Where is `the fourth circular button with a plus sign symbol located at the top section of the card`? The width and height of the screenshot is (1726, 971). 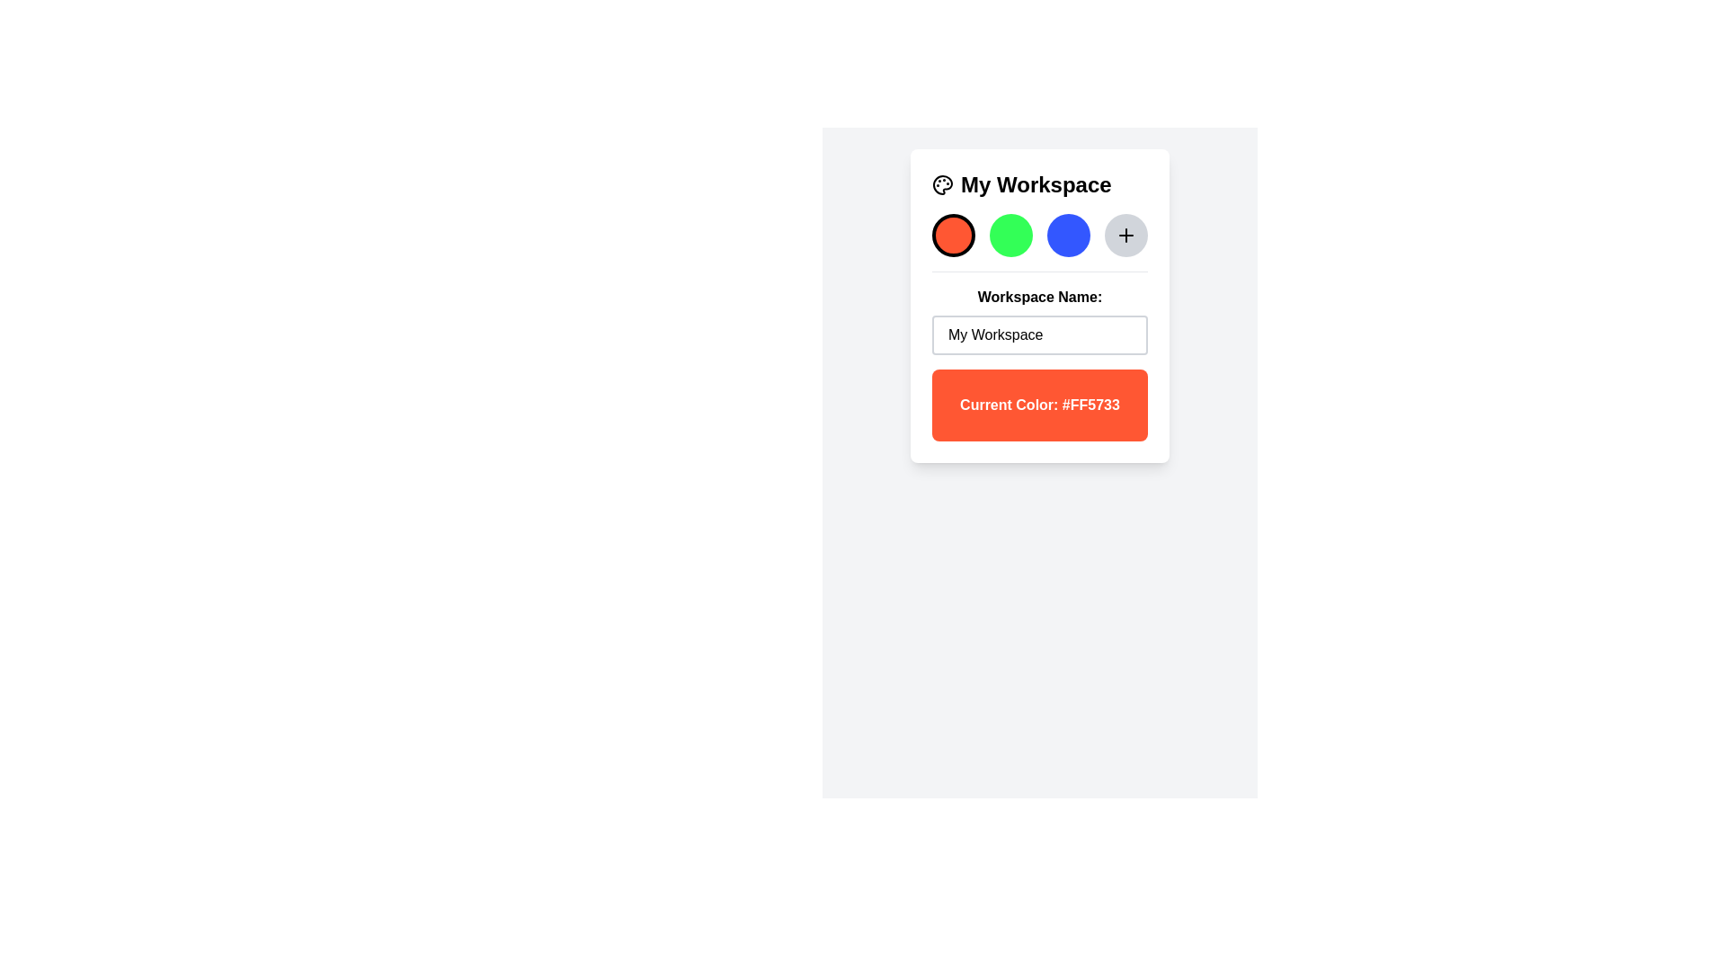
the fourth circular button with a plus sign symbol located at the top section of the card is located at coordinates (1125, 235).